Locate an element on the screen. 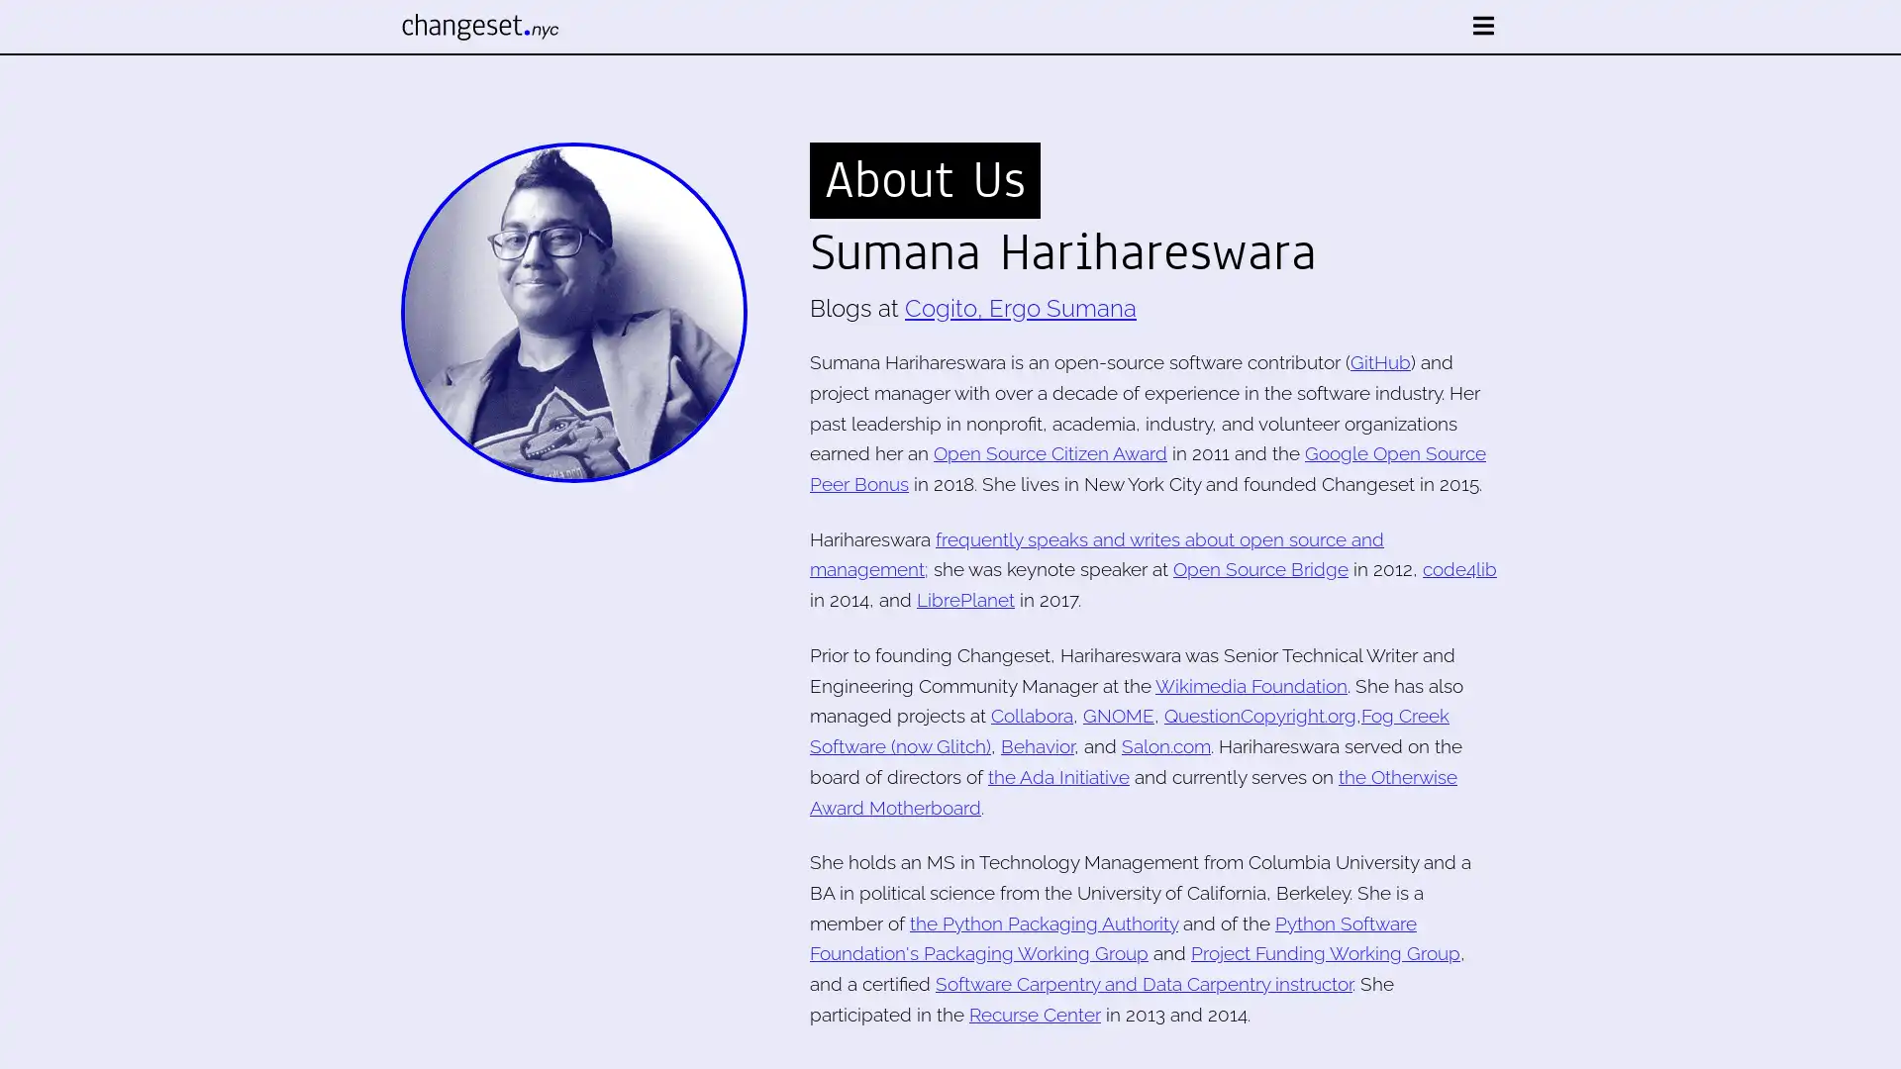 The height and width of the screenshot is (1069, 1901). open nav is located at coordinates (1483, 27).